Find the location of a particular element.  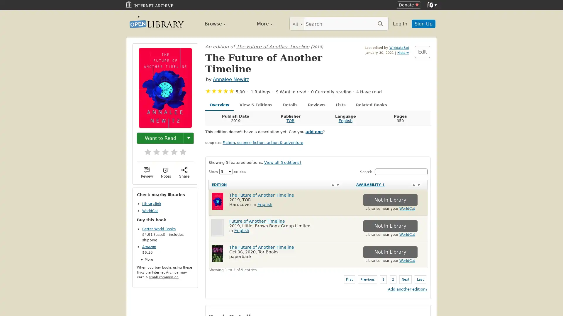

4 is located at coordinates (171, 150).